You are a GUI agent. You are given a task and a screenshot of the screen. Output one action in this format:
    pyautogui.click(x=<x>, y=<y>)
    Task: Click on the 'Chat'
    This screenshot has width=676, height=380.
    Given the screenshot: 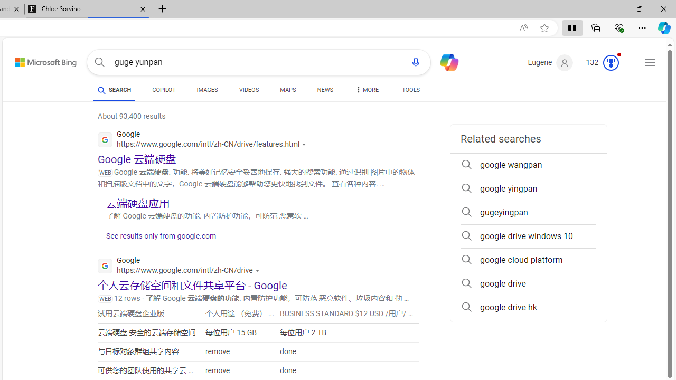 What is the action you would take?
    pyautogui.click(x=445, y=61)
    